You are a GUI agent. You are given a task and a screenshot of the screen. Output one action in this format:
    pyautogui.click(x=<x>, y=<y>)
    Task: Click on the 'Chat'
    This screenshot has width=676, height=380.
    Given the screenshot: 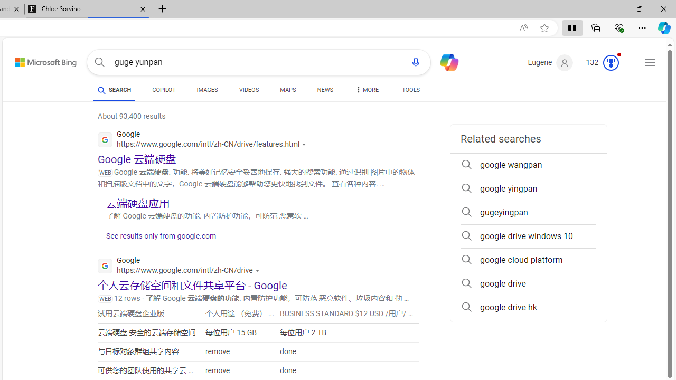 What is the action you would take?
    pyautogui.click(x=445, y=61)
    